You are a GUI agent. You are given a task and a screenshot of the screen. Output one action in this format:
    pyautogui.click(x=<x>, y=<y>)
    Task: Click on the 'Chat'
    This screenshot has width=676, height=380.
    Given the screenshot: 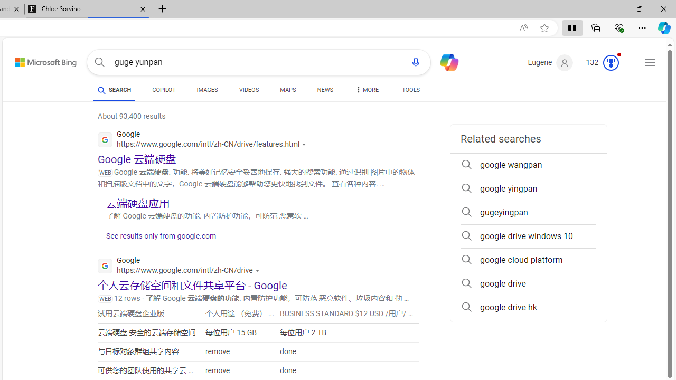 What is the action you would take?
    pyautogui.click(x=445, y=61)
    